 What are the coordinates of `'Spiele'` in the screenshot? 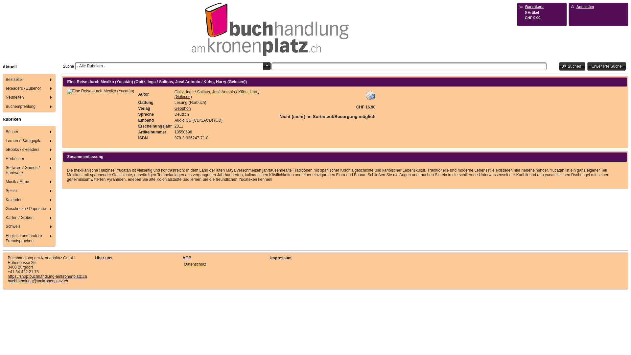 It's located at (29, 191).